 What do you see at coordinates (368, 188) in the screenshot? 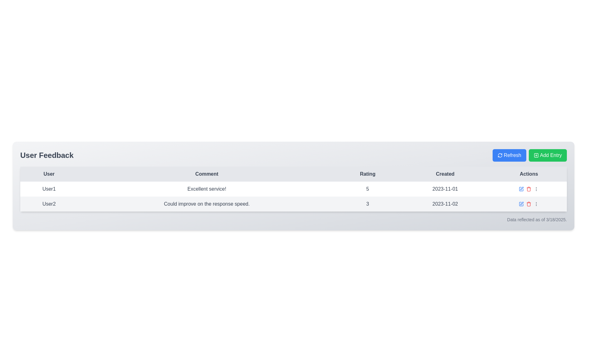
I see `the text label displaying the rating score for 'User1' in the third cell of the first row under the 'Rating' column` at bounding box center [368, 188].